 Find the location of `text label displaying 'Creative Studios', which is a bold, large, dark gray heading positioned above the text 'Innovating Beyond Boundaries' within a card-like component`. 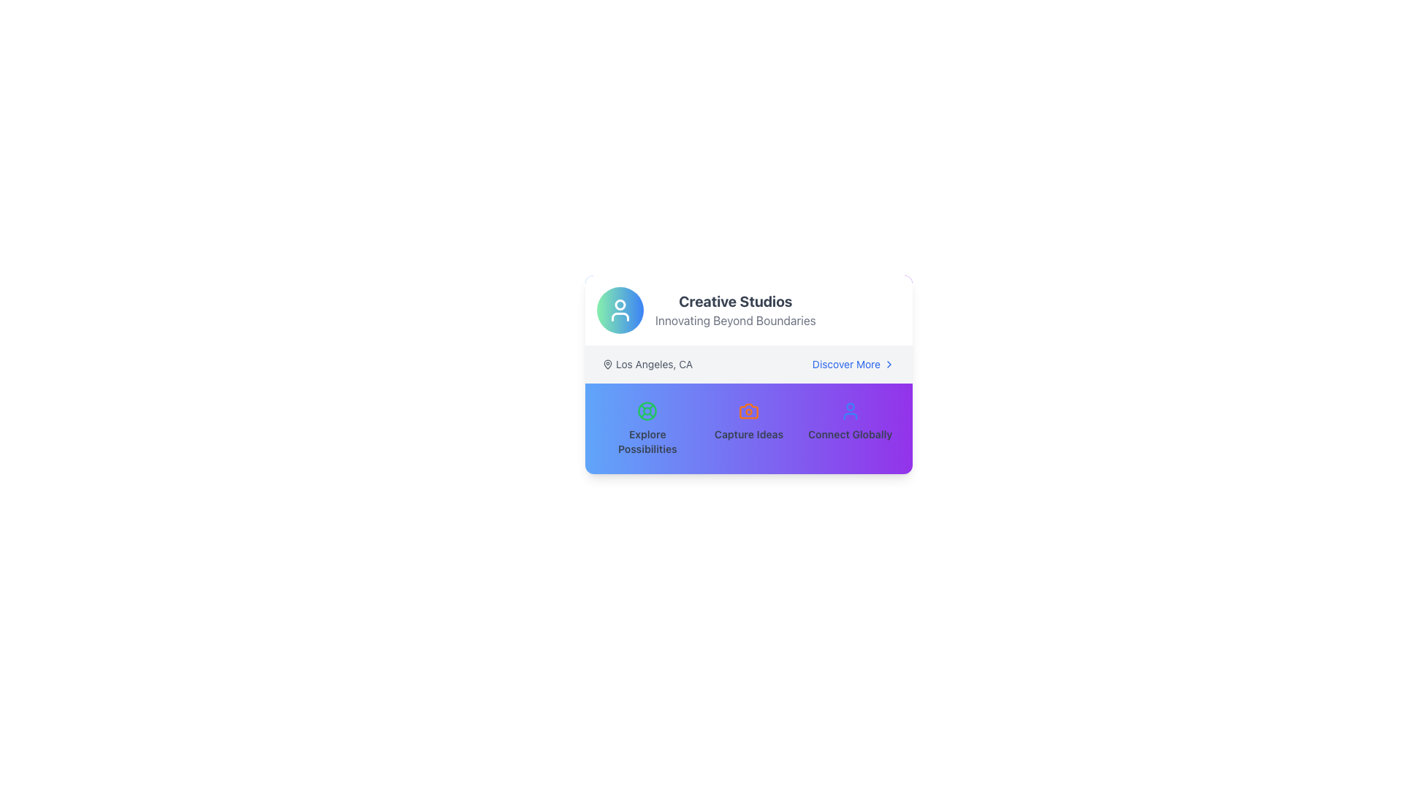

text label displaying 'Creative Studios', which is a bold, large, dark gray heading positioned above the text 'Innovating Beyond Boundaries' within a card-like component is located at coordinates (735, 300).